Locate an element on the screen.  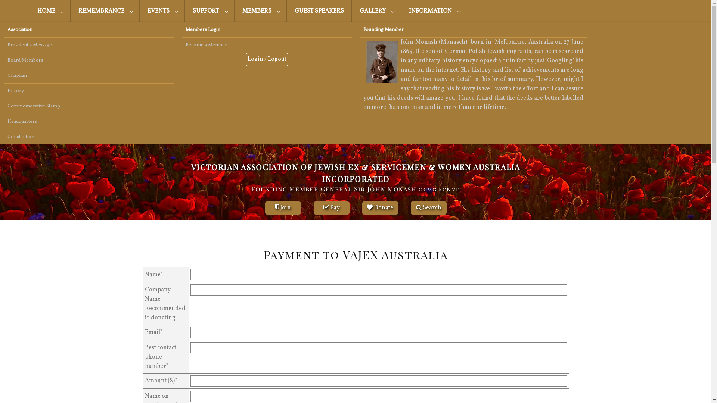
'Association' is located at coordinates (0, 29).